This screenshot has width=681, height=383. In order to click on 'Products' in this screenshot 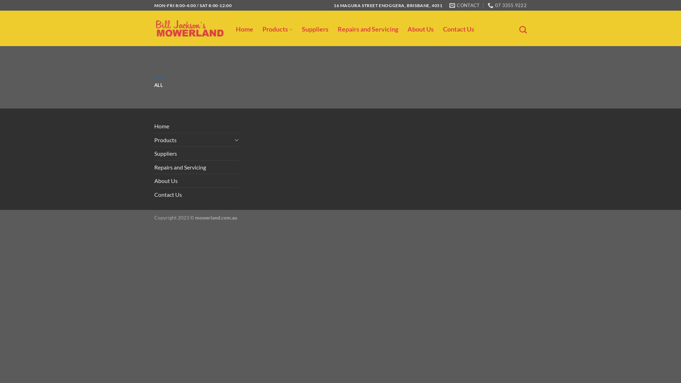, I will do `click(277, 29)`.